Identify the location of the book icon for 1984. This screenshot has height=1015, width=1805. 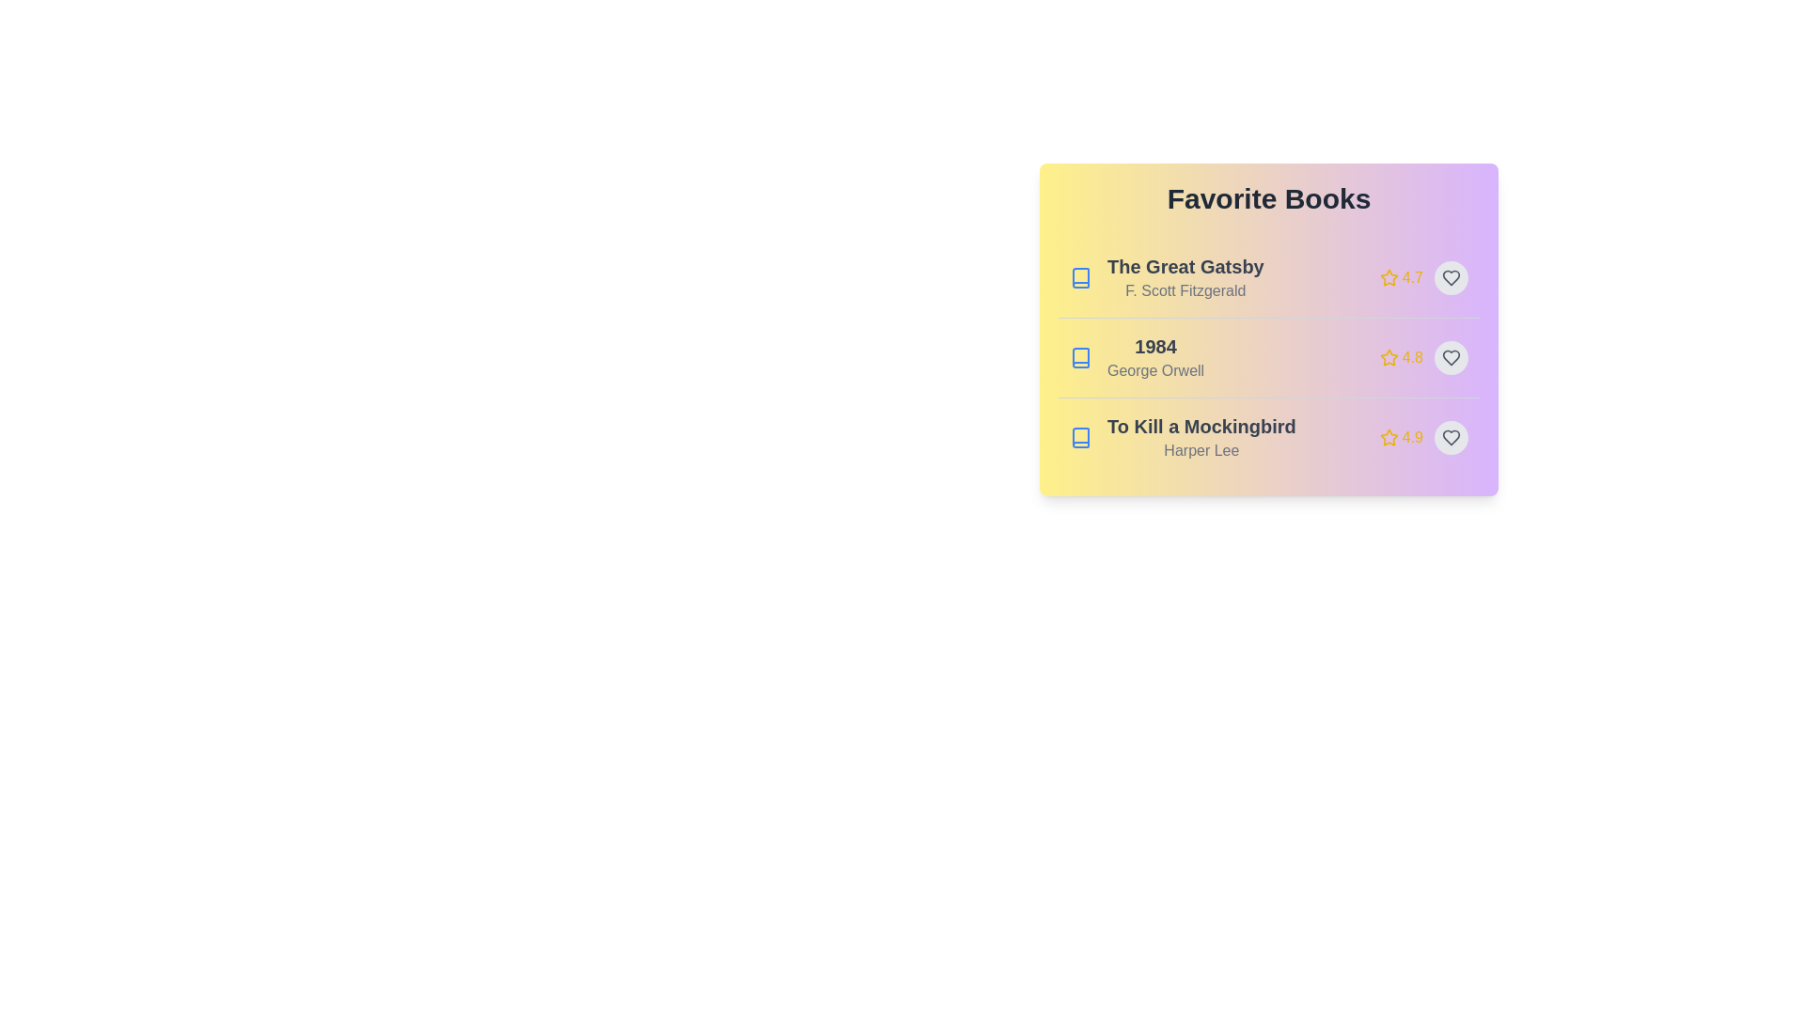
(1081, 358).